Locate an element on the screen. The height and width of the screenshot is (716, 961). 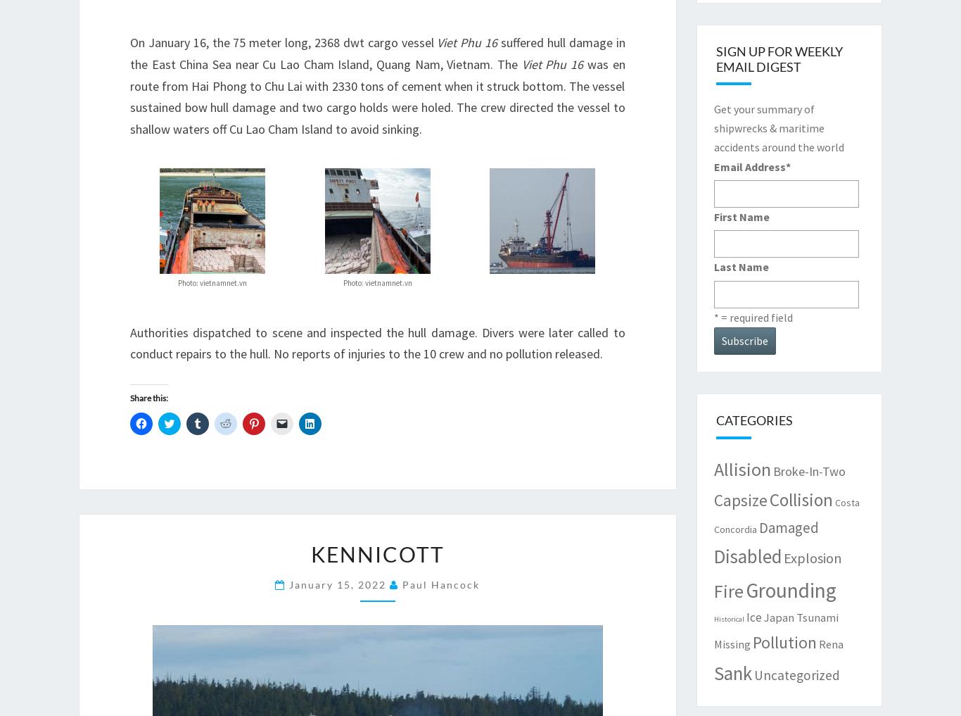
'Collision' is located at coordinates (800, 498).